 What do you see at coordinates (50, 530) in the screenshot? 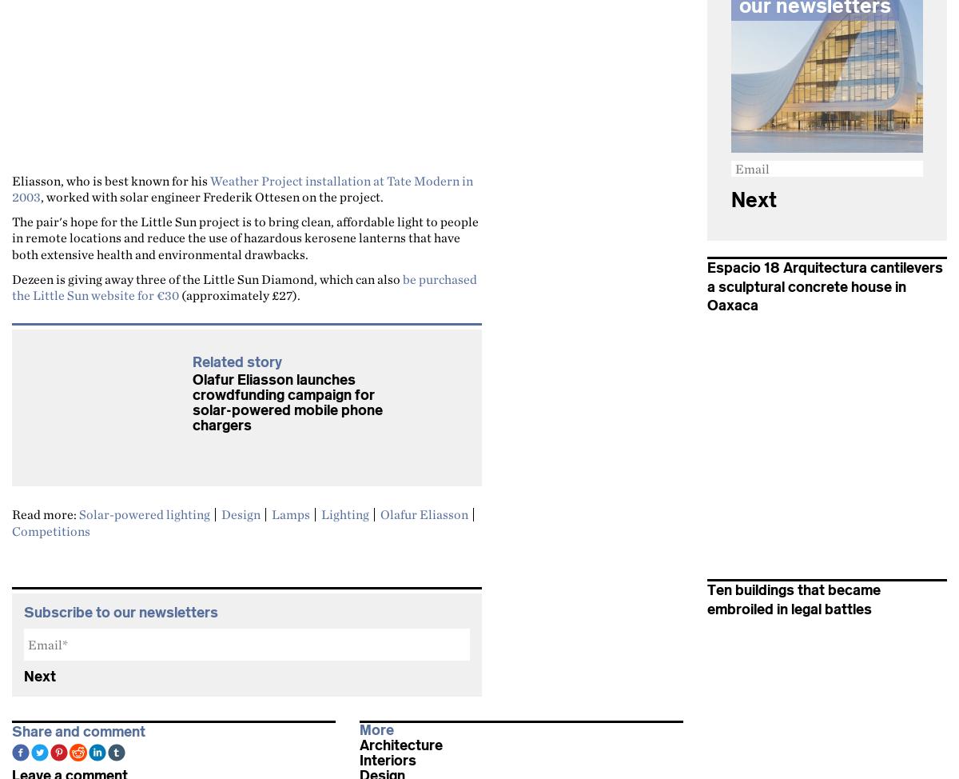
I see `'Competitions'` at bounding box center [50, 530].